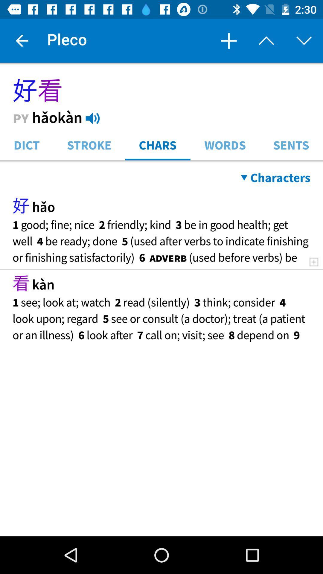 This screenshot has height=574, width=323. I want to click on the item to the left of the words icon, so click(157, 144).